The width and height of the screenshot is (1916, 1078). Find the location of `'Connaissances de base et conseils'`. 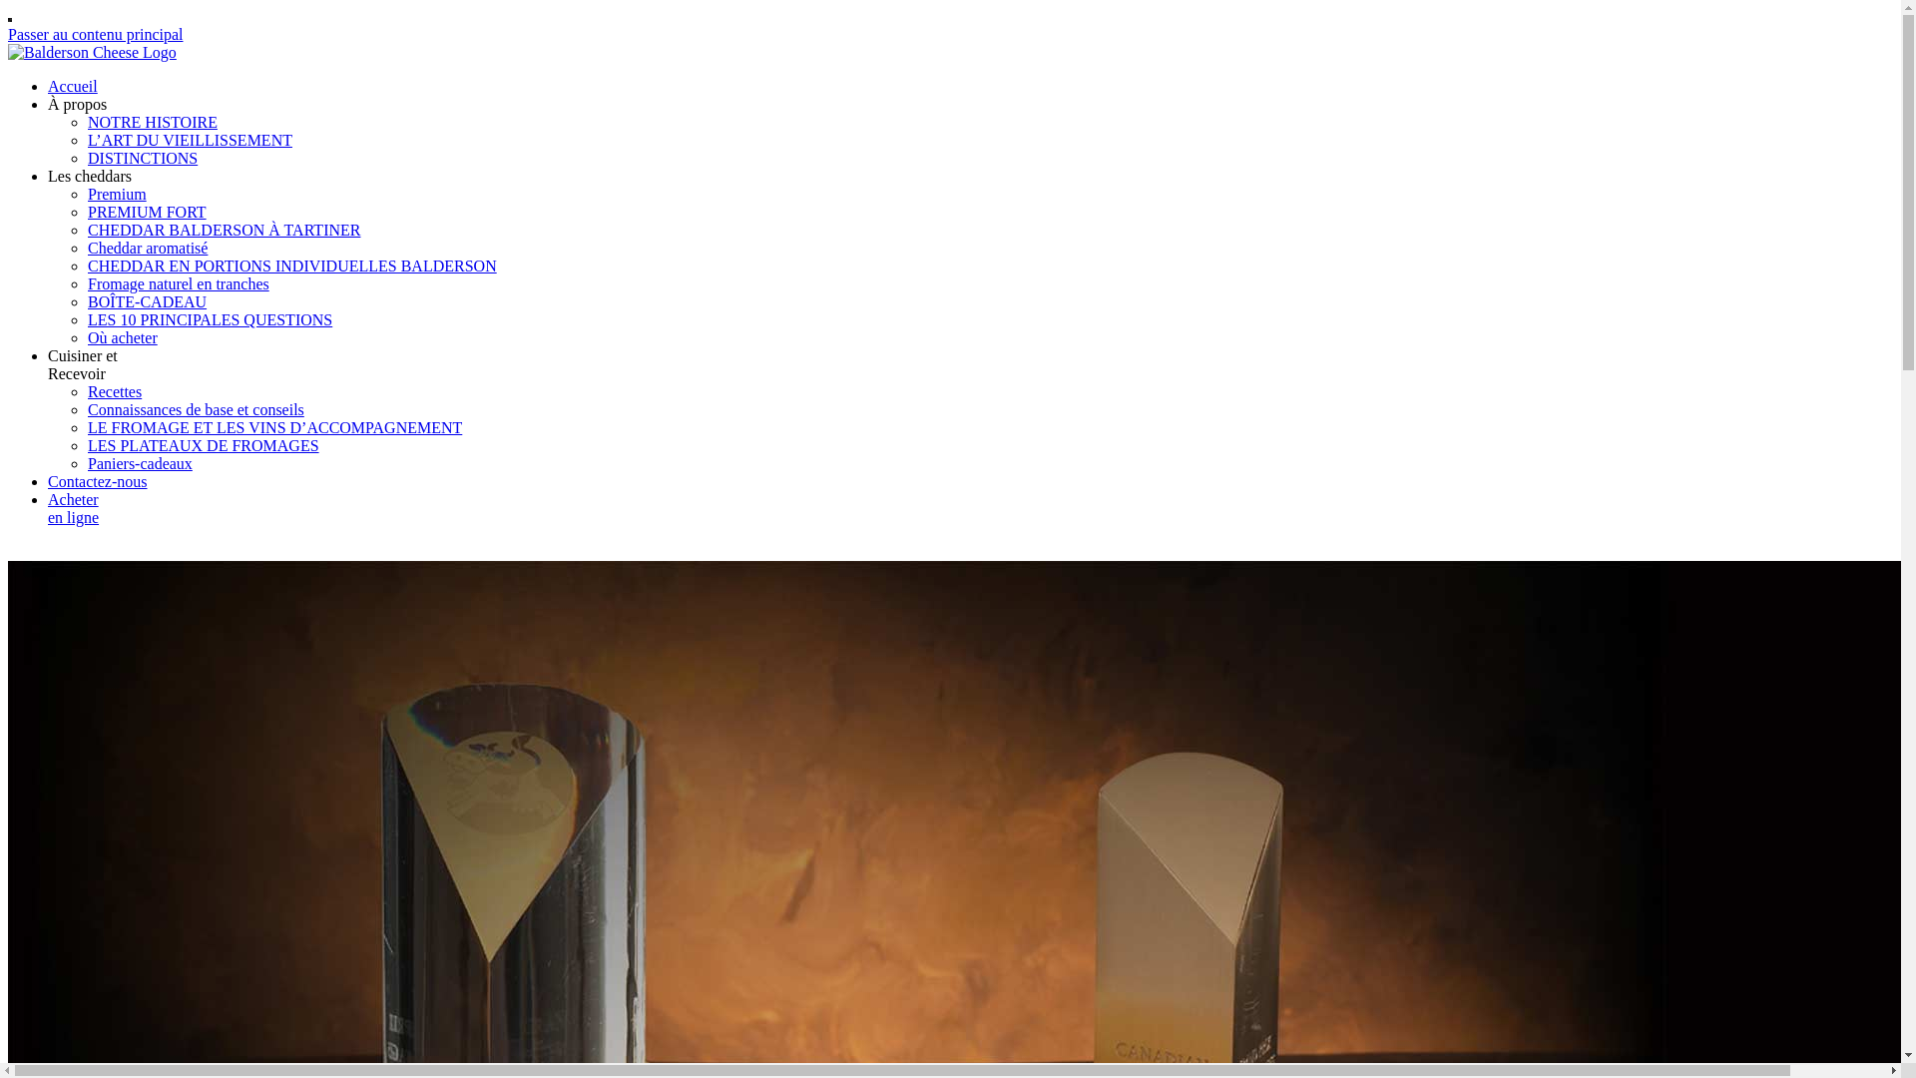

'Connaissances de base et conseils' is located at coordinates (196, 408).